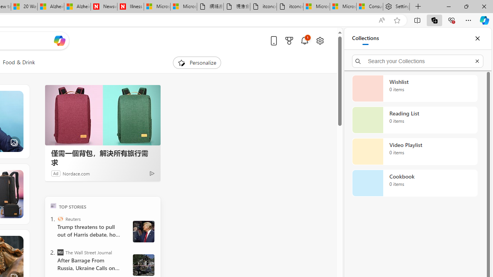 This screenshot has width=493, height=277. What do you see at coordinates (414, 152) in the screenshot?
I see `'Video Playlist collection, 0 items'` at bounding box center [414, 152].